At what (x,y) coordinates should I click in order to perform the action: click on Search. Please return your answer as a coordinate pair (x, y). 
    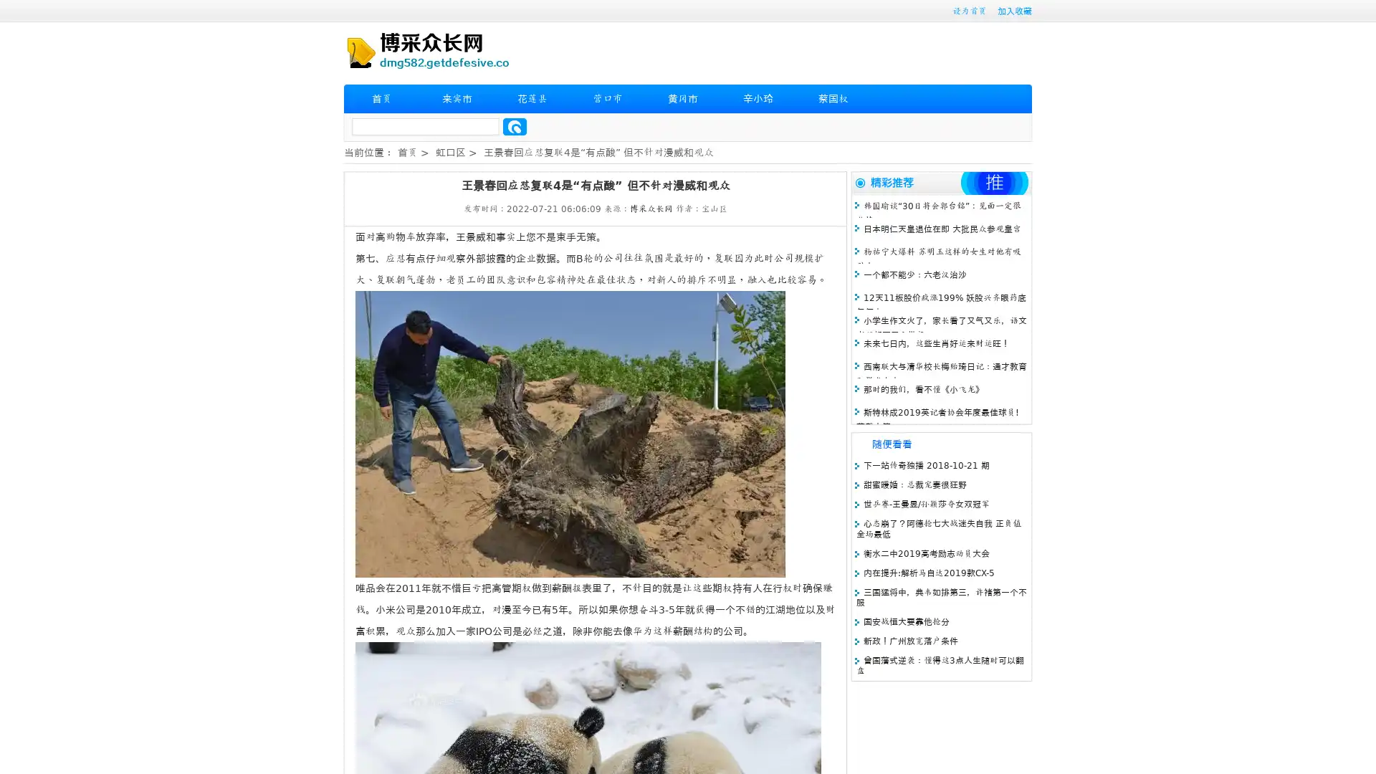
    Looking at the image, I should click on (515, 126).